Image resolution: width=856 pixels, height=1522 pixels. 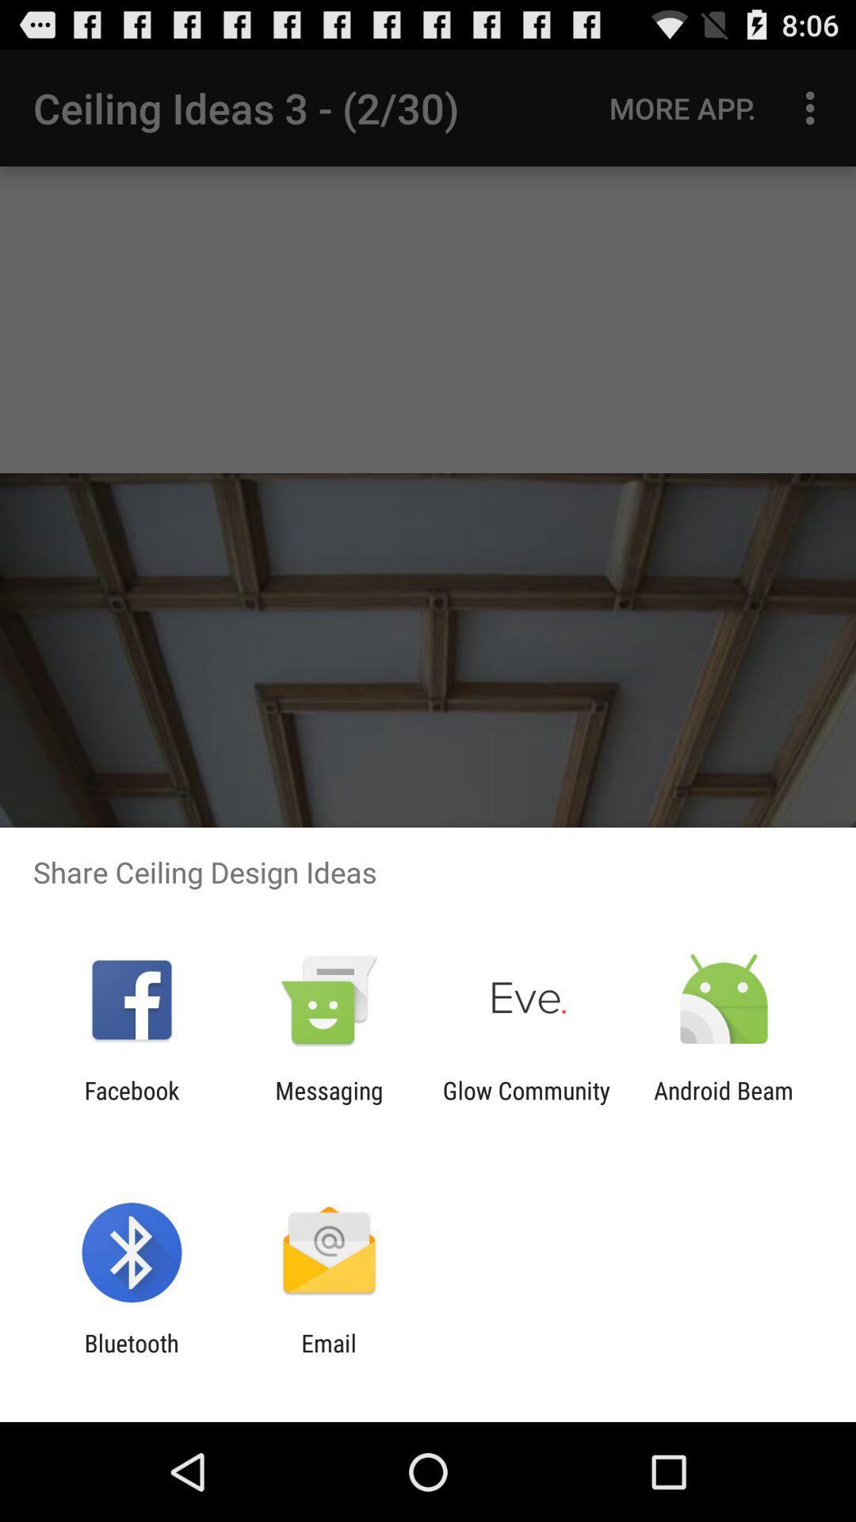 I want to click on android beam app, so click(x=724, y=1103).